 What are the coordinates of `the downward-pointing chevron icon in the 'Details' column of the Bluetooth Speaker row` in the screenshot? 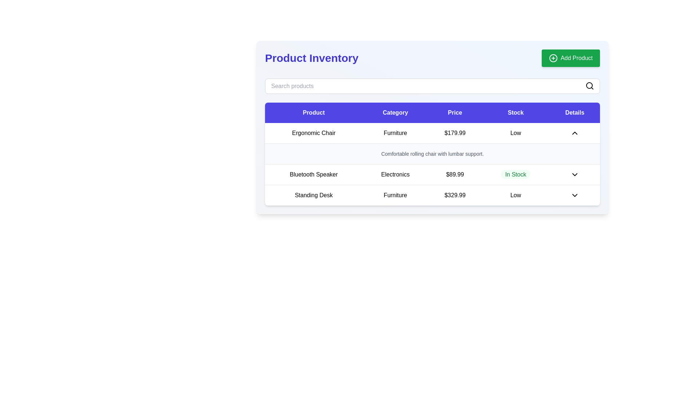 It's located at (574, 174).